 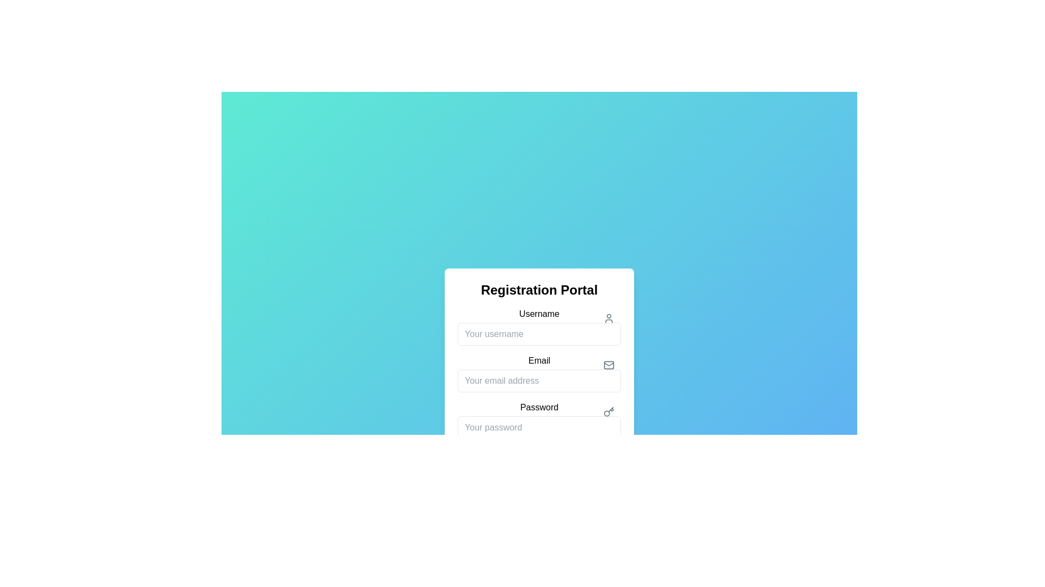 I want to click on the decorative SVG circle element located near the bottom-right section of the key icon, so click(x=606, y=413).